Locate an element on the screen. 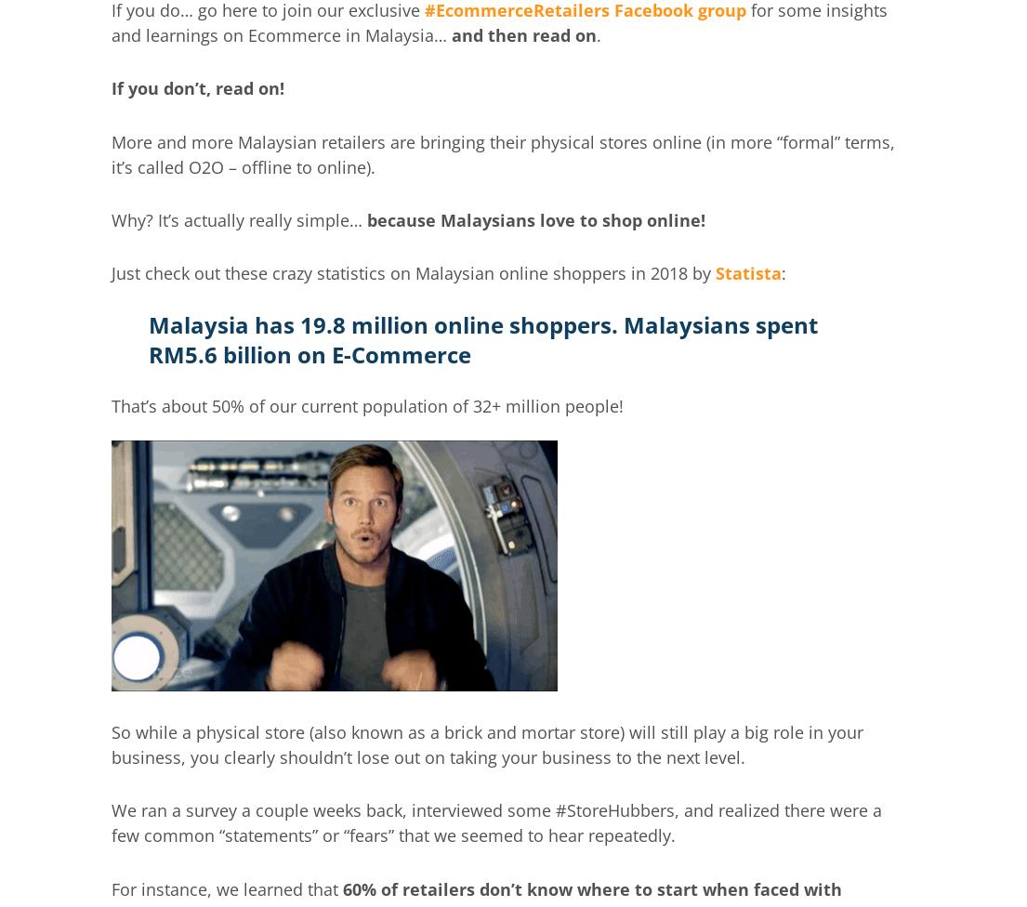 This screenshot has height=907, width=1027. 'If you don’t, read on!' is located at coordinates (197, 87).